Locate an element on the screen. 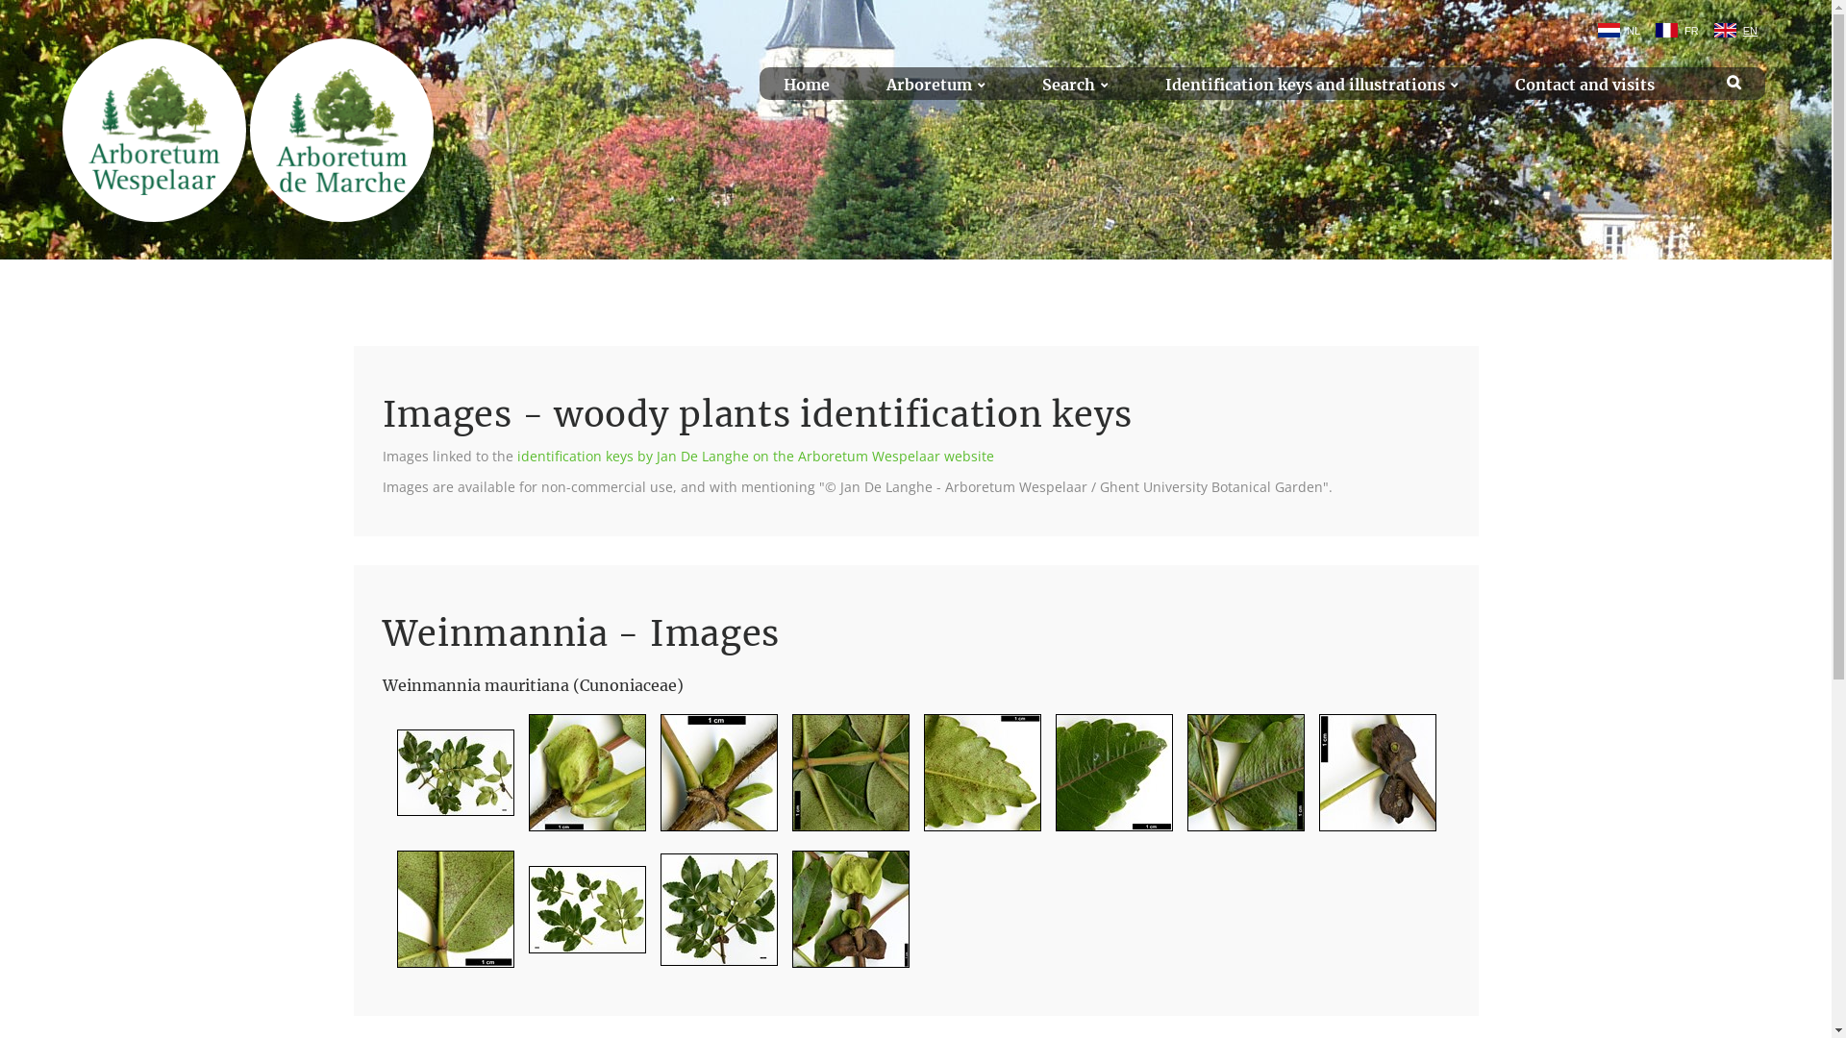  'FR' is located at coordinates (1655, 31).